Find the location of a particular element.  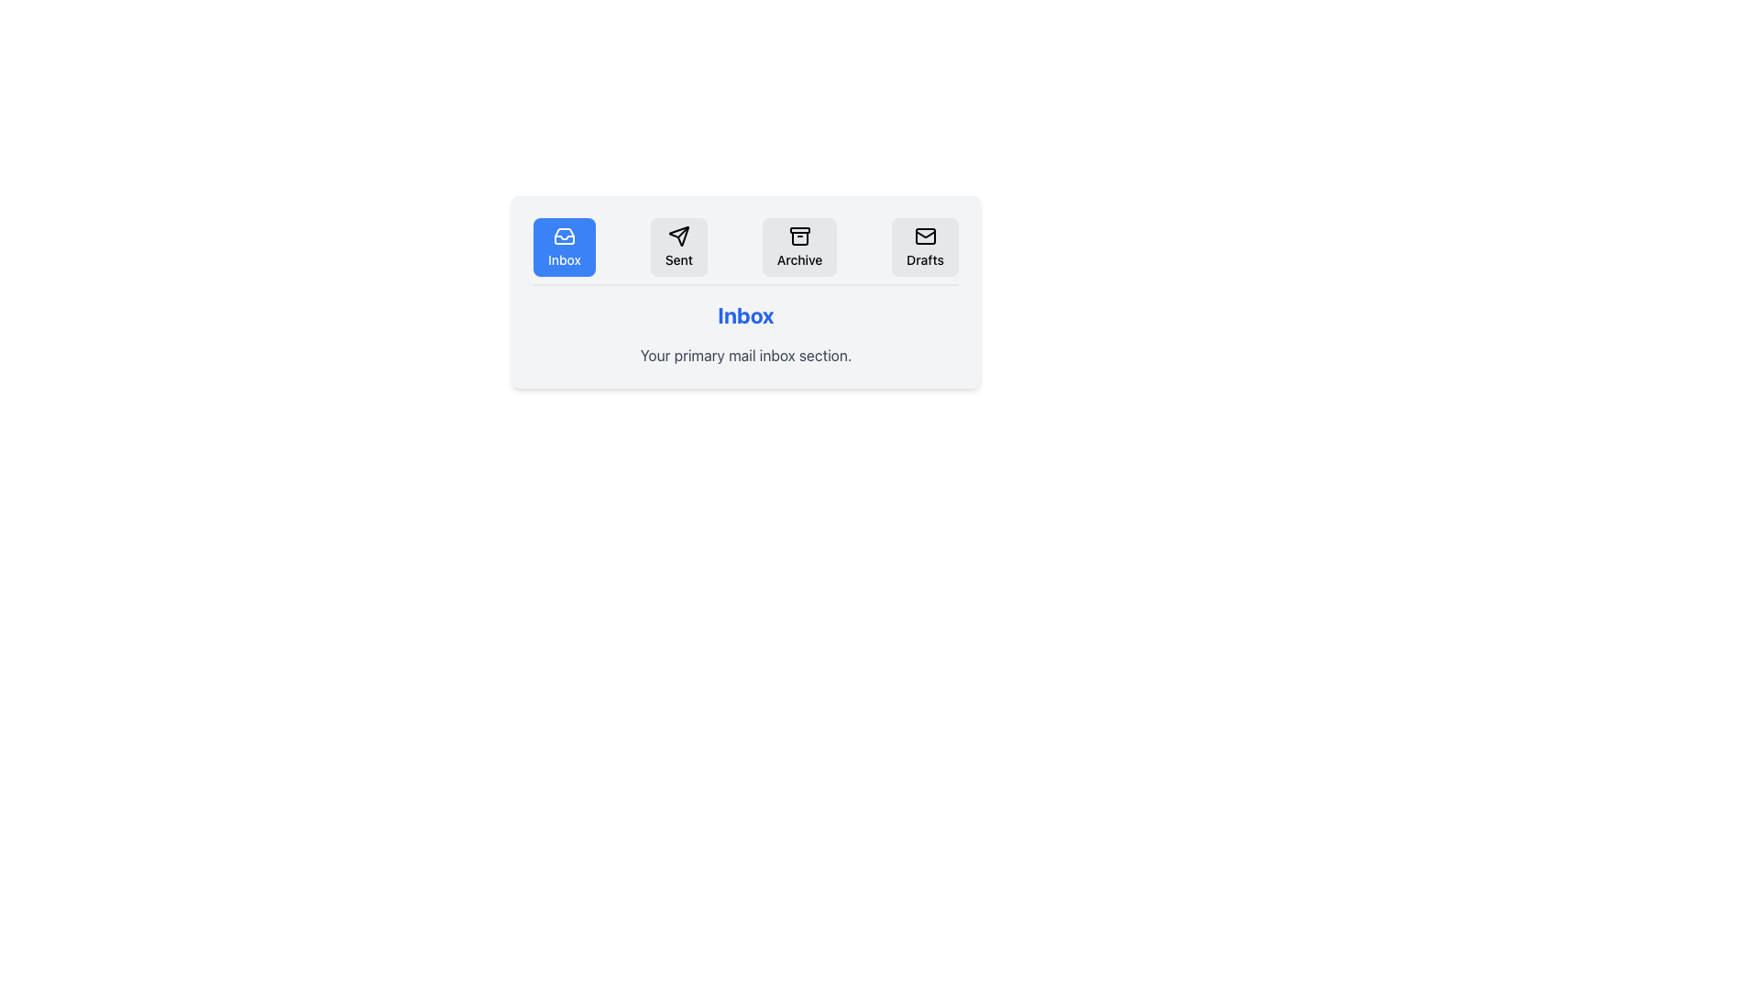

the descriptive text element displaying 'Your primary mail inbox section.' located beneath the header 'Inbox' is located at coordinates (746, 356).